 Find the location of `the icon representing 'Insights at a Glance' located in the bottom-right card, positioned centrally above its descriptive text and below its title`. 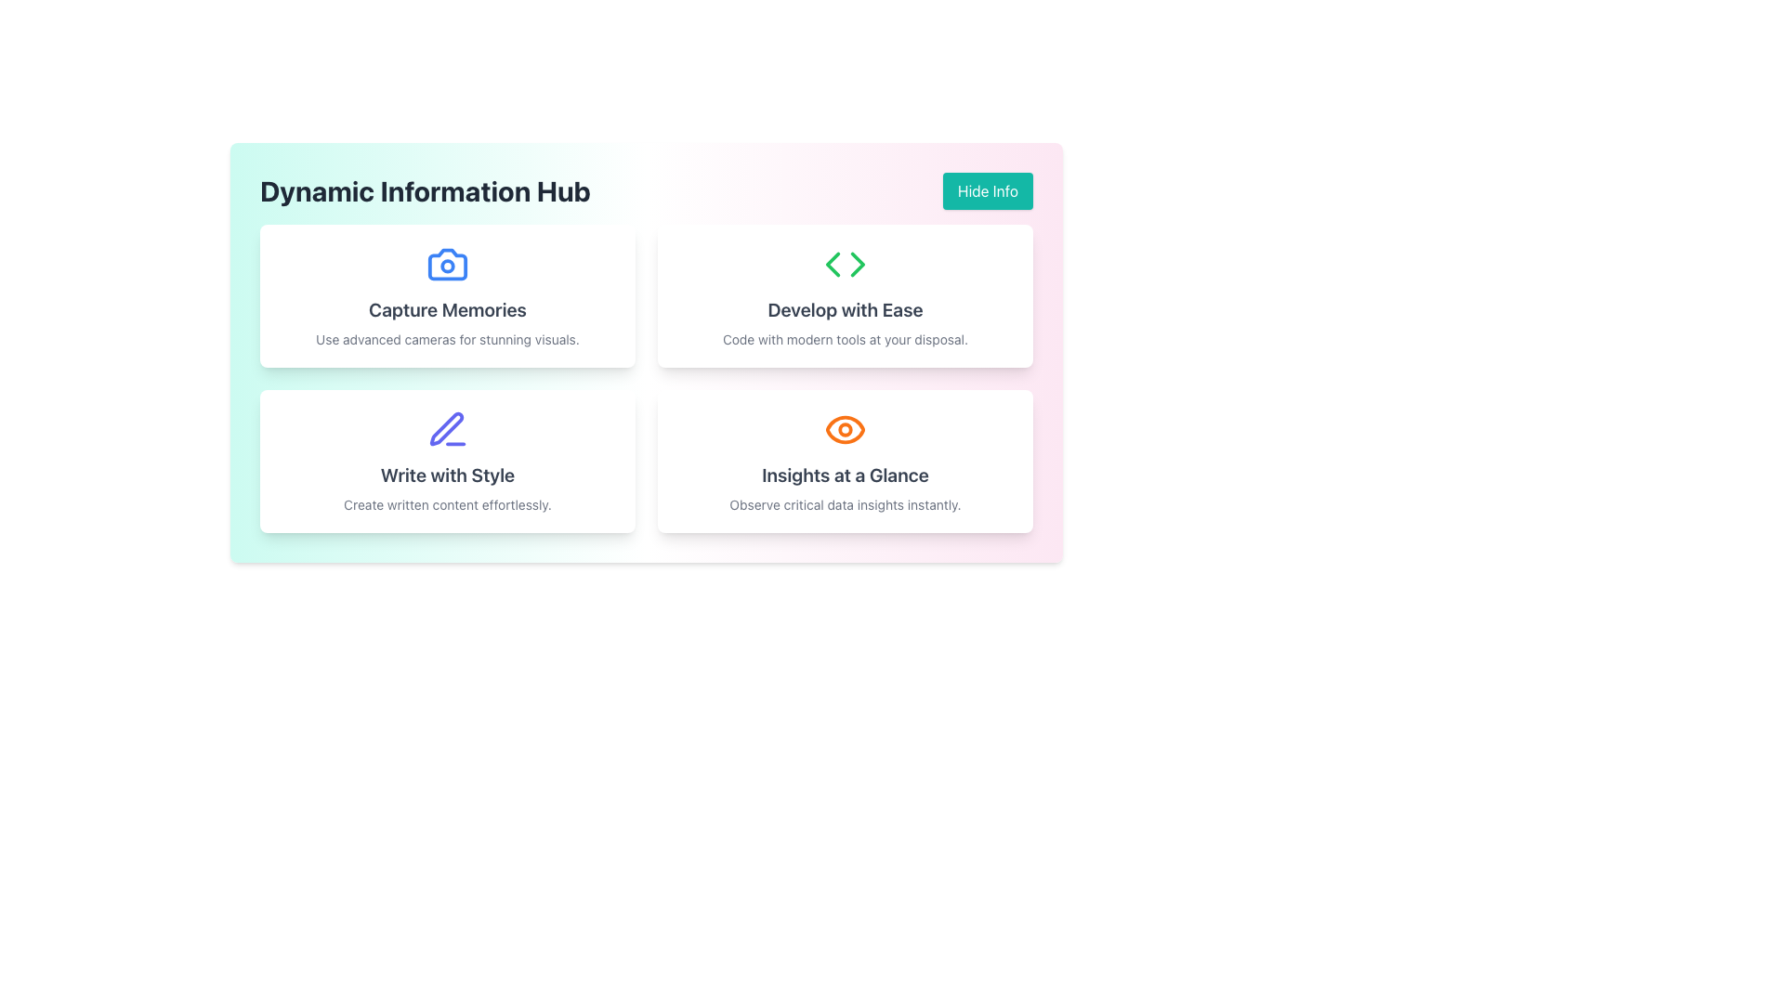

the icon representing 'Insights at a Glance' located in the bottom-right card, positioned centrally above its descriptive text and below its title is located at coordinates (845, 429).